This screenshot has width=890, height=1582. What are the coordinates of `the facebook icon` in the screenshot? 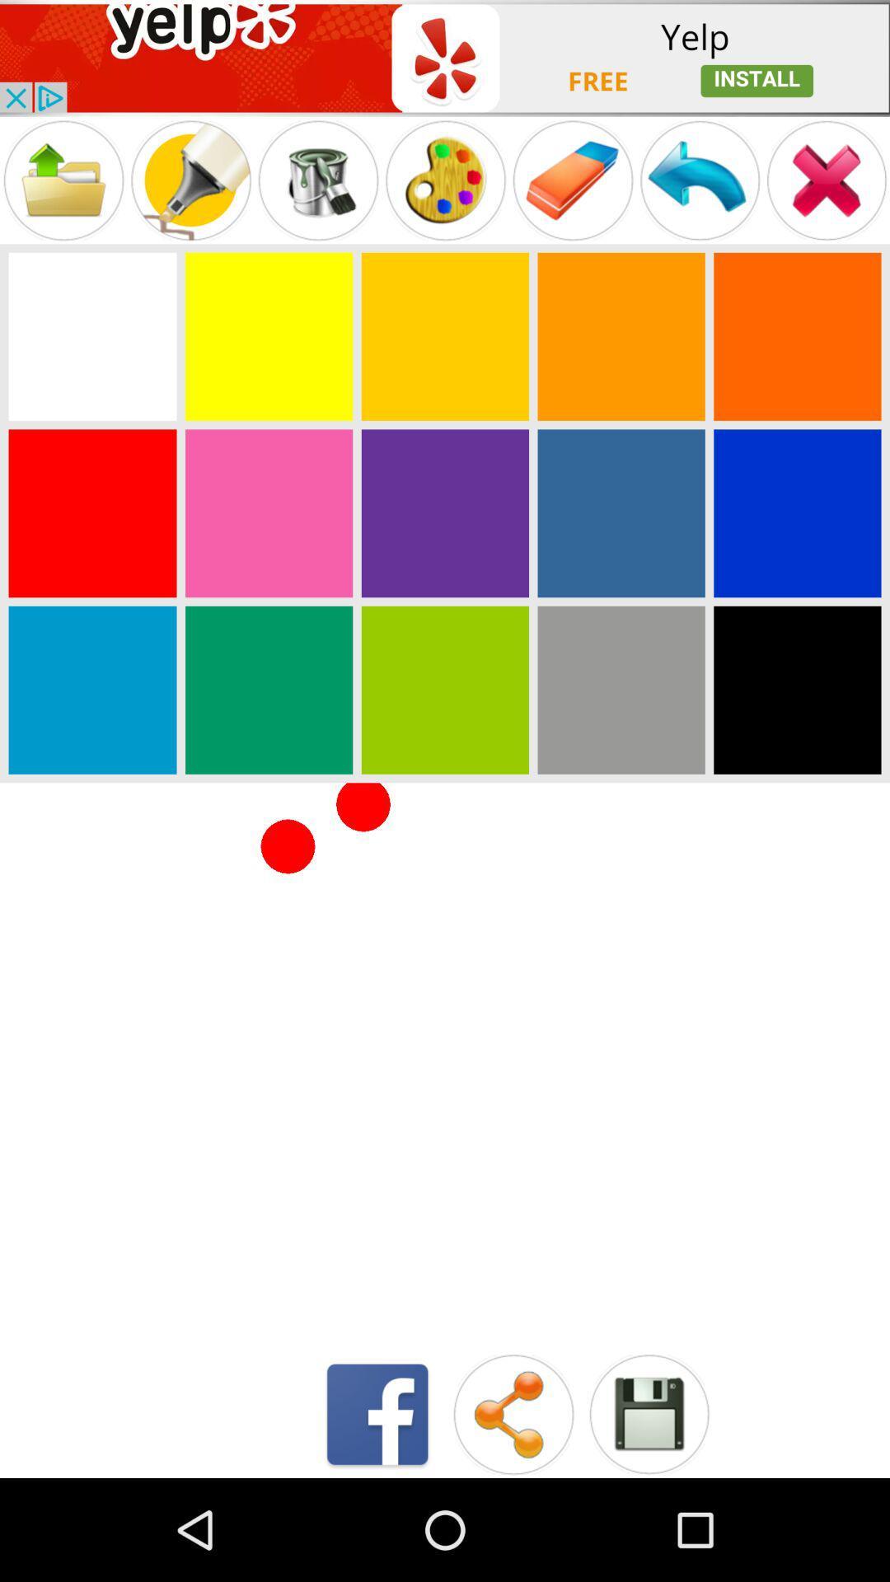 It's located at (377, 1514).